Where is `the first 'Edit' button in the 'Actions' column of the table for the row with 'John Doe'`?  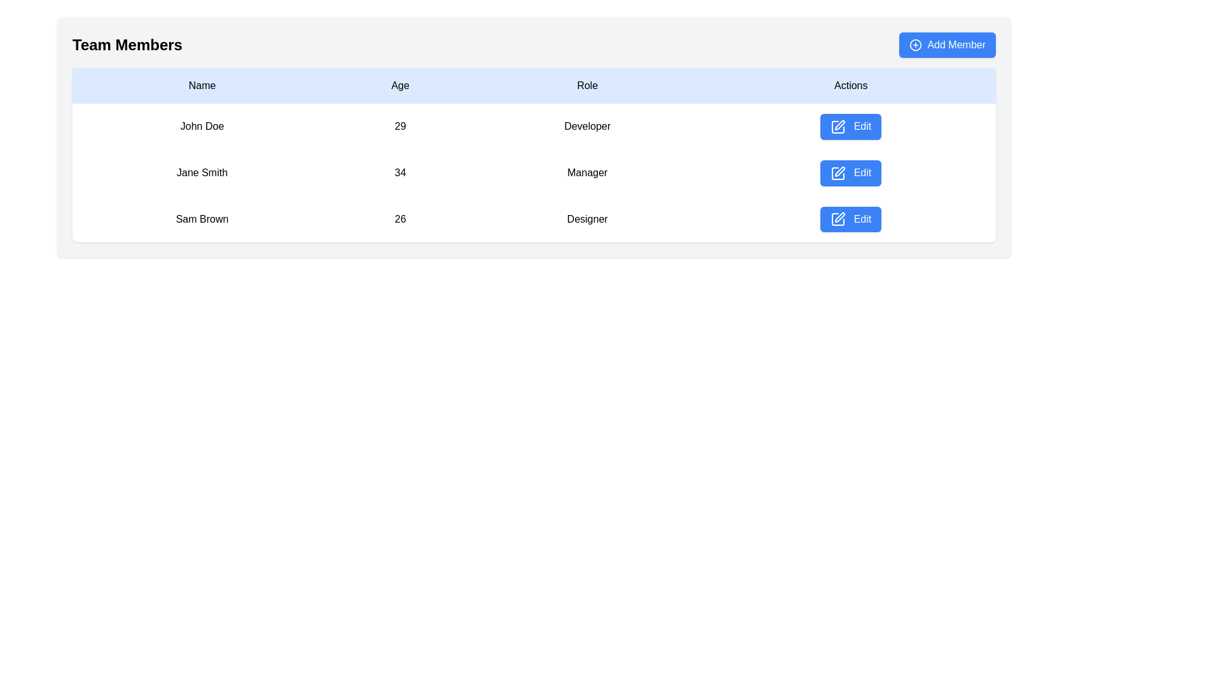 the first 'Edit' button in the 'Actions' column of the table for the row with 'John Doe' is located at coordinates (851, 127).